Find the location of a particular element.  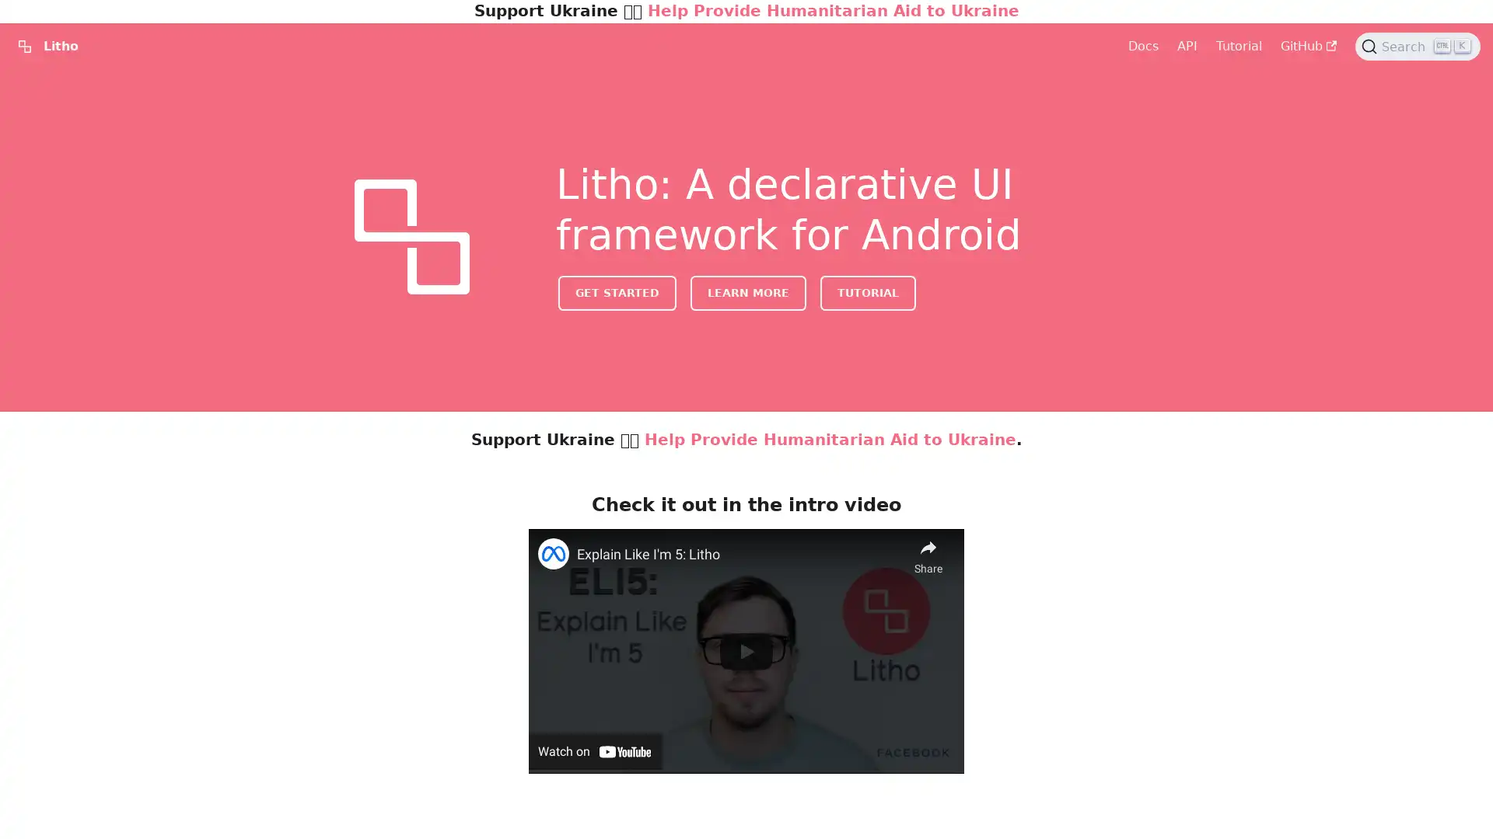

Search is located at coordinates (1418, 46).